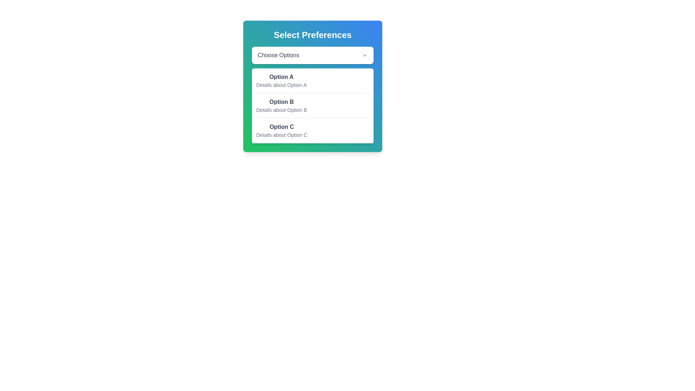  What do you see at coordinates (281, 135) in the screenshot?
I see `the static text label providing additional information about 'Option C', located below the 'Option C' option in the dropdown menu` at bounding box center [281, 135].